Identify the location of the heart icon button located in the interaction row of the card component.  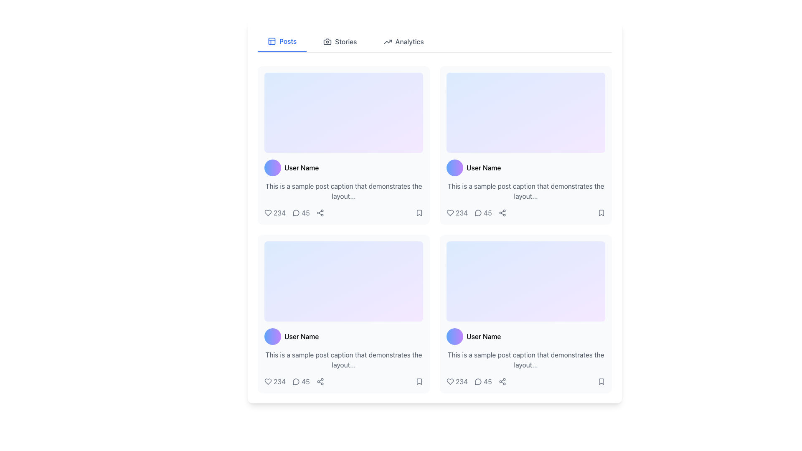
(450, 212).